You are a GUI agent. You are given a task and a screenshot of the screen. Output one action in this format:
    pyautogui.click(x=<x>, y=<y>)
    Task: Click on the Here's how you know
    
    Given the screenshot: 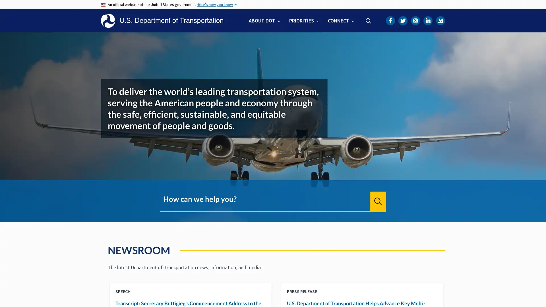 What is the action you would take?
    pyautogui.click(x=216, y=5)
    